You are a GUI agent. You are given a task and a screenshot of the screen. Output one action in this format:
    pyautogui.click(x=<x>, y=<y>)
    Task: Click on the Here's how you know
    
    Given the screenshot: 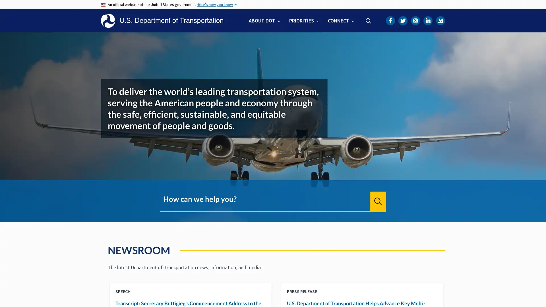 What is the action you would take?
    pyautogui.click(x=216, y=5)
    